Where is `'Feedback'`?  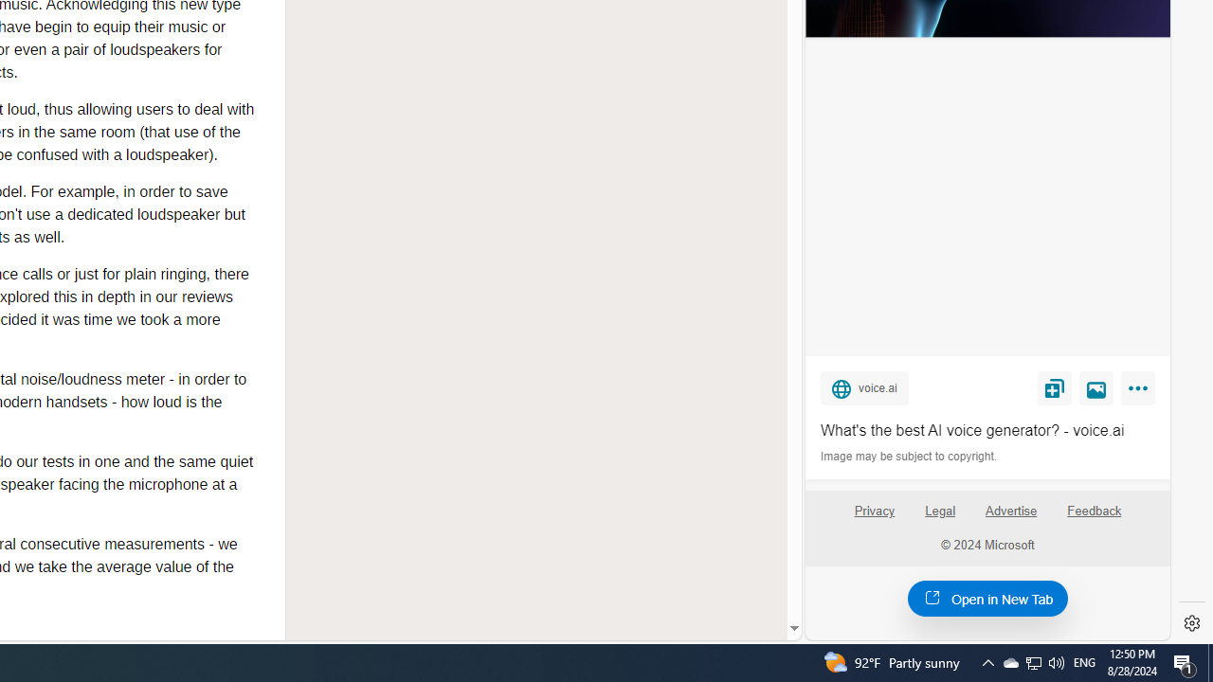
'Feedback' is located at coordinates (1095, 518).